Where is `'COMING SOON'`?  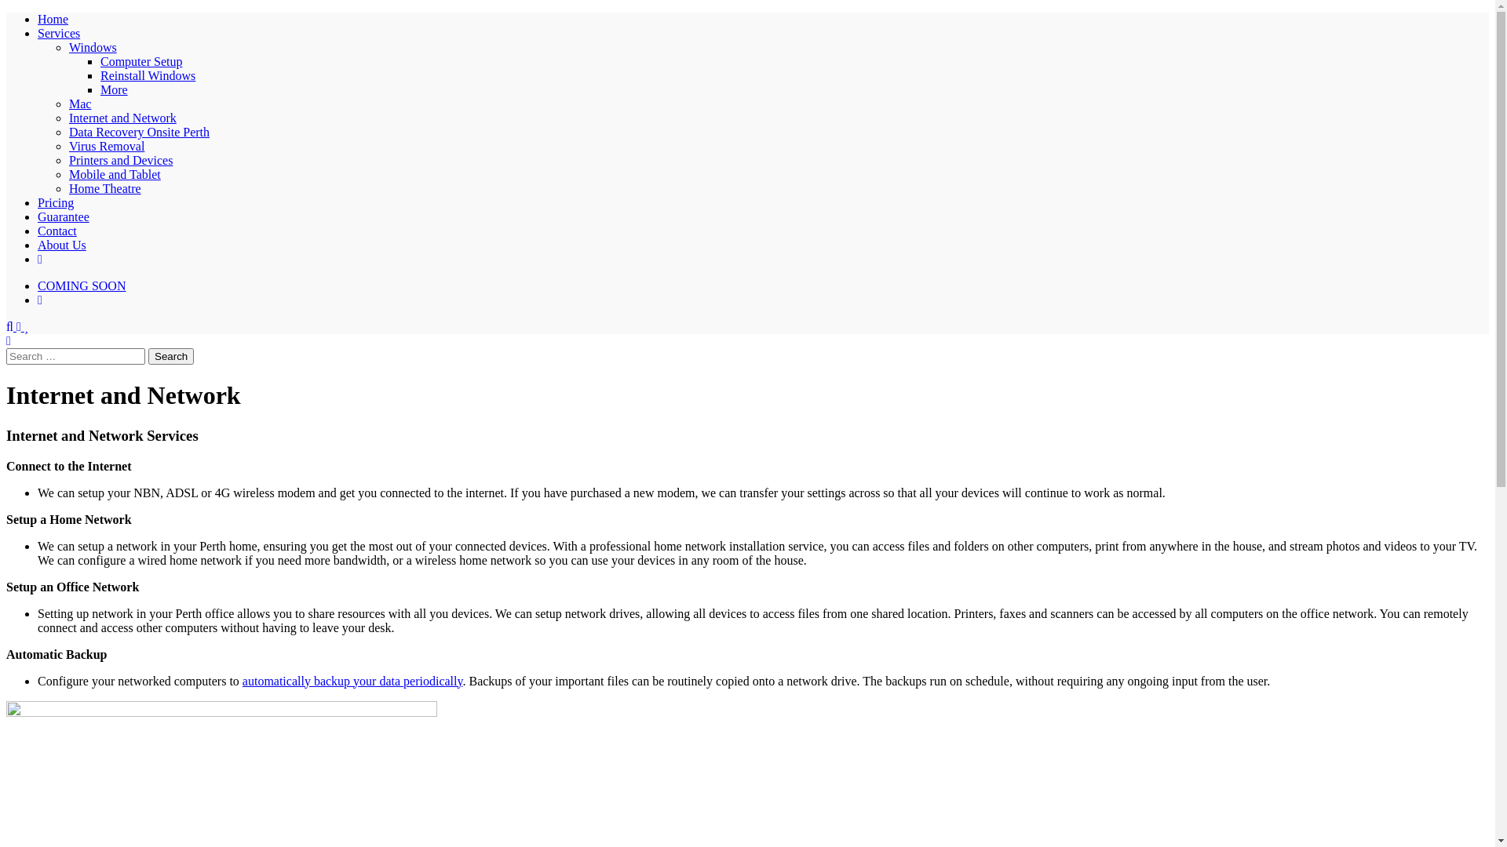
'COMING SOON' is located at coordinates (38, 285).